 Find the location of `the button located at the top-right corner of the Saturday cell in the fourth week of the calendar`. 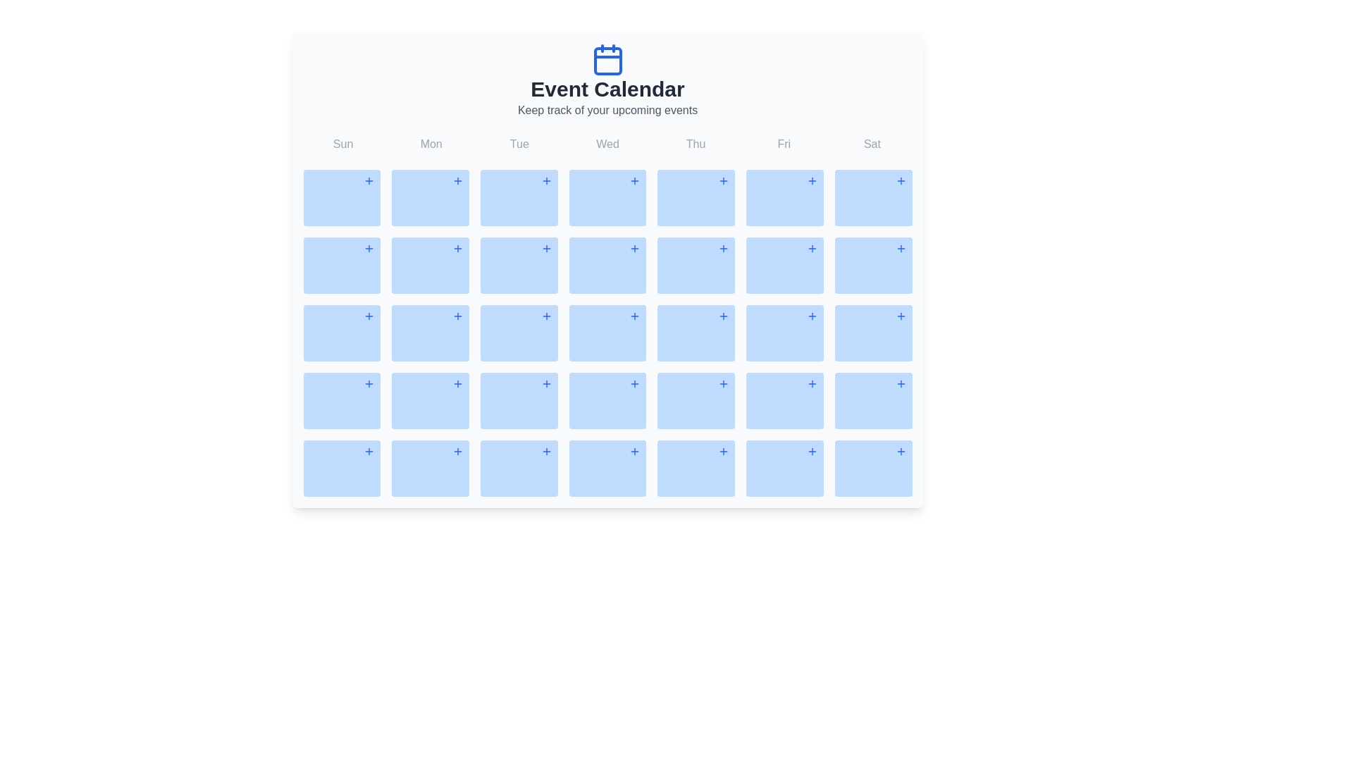

the button located at the top-right corner of the Saturday cell in the fourth week of the calendar is located at coordinates (900, 383).